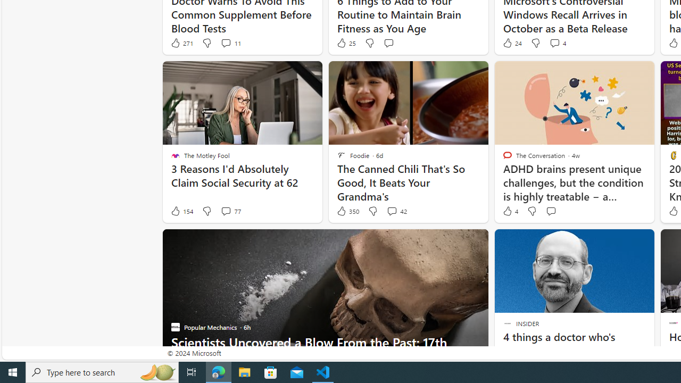 Image resolution: width=681 pixels, height=383 pixels. Describe the element at coordinates (391, 211) in the screenshot. I see `'View comments 42 Comment'` at that location.